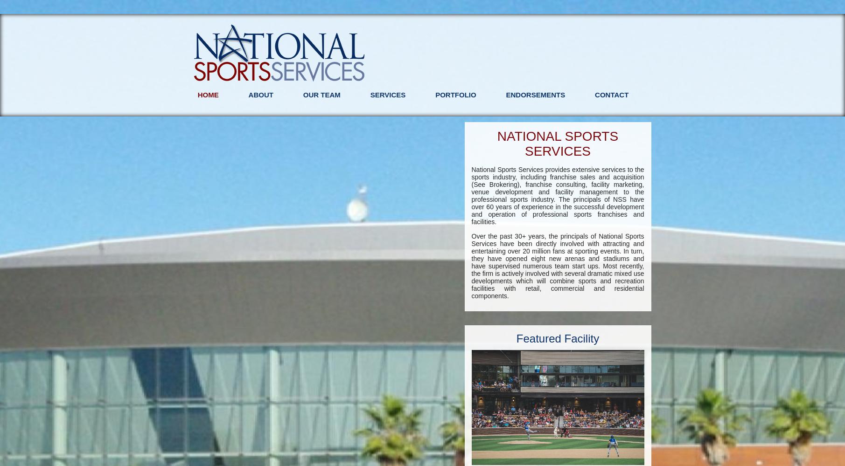 The image size is (845, 466). I want to click on 'National Sports Services provides extensive services to the sports industry, including franchise sales and acquisition (See Brokering), franchise consulting, facility marketing, venue development and facility management to the professional sports industry. The principals of NSS have over 60 years of experience in the successful development and operation of professional sports franchises and facilities.', so click(557, 196).